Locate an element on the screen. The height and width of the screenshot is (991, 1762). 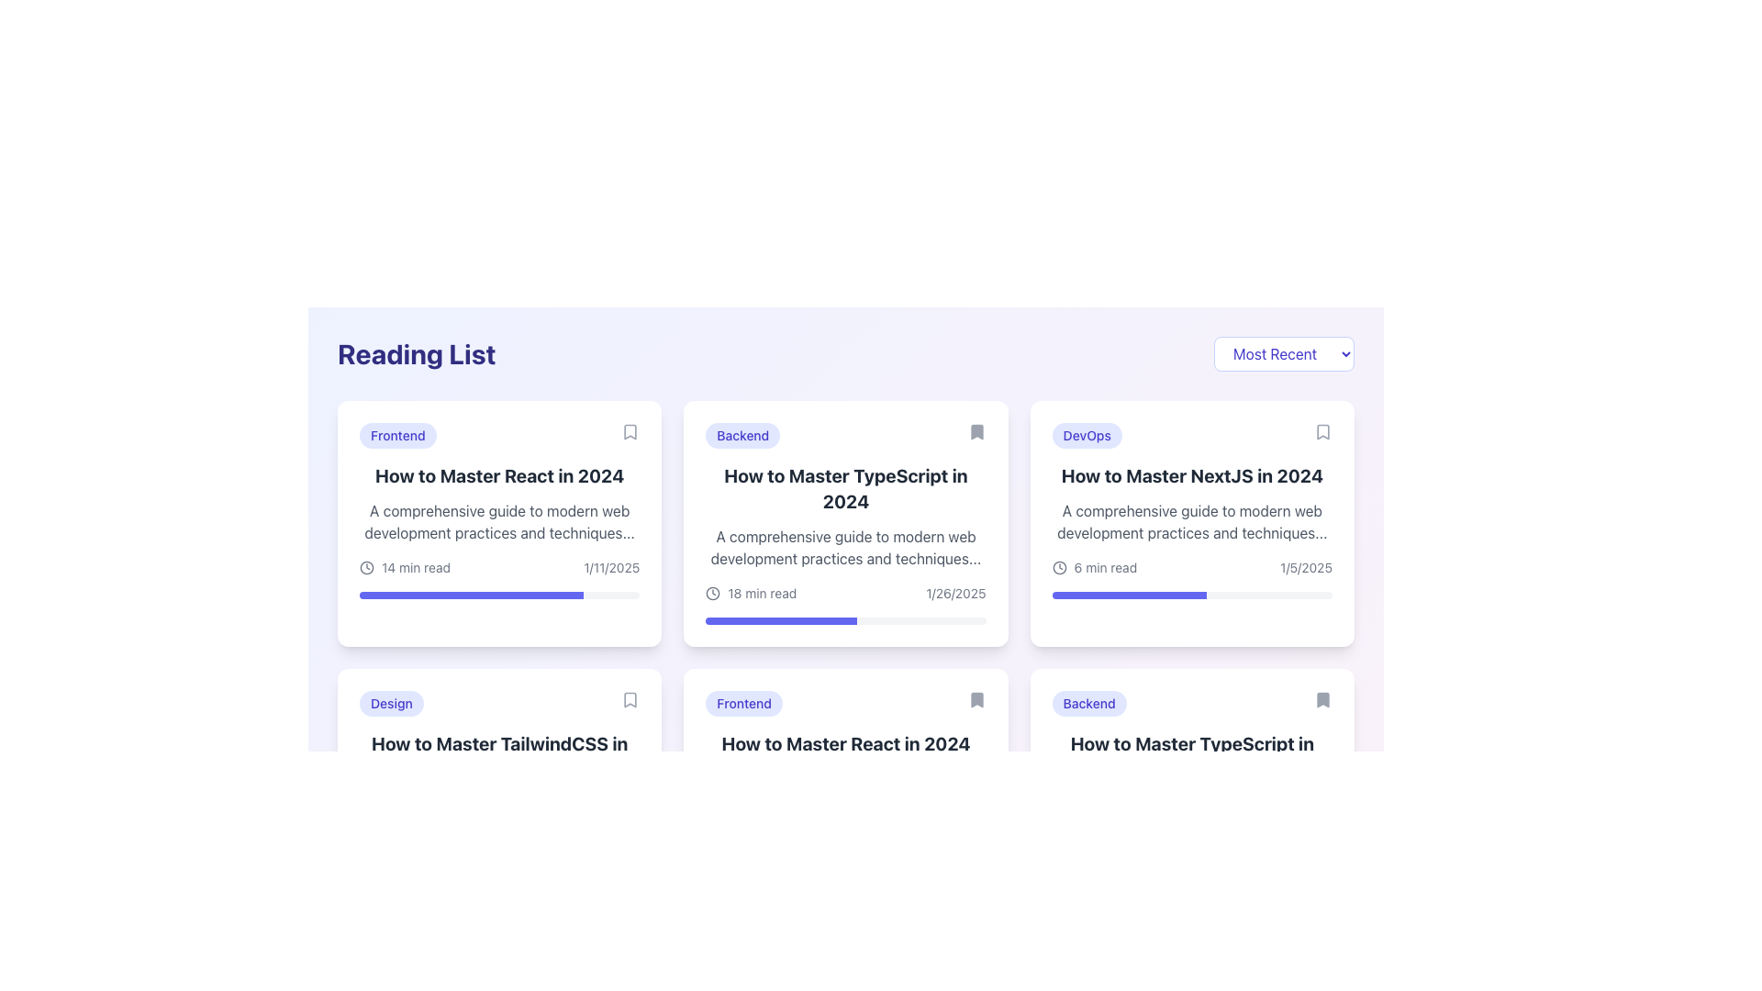
the bookmark icon located at the top-right corner of the 'How to Master TailwindCSS in 2024' card is located at coordinates (630, 700).